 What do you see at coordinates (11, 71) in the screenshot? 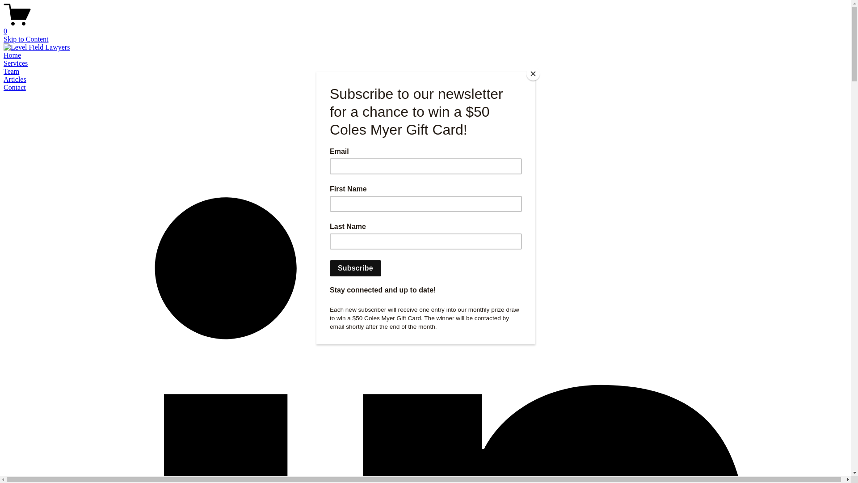
I see `'Team'` at bounding box center [11, 71].